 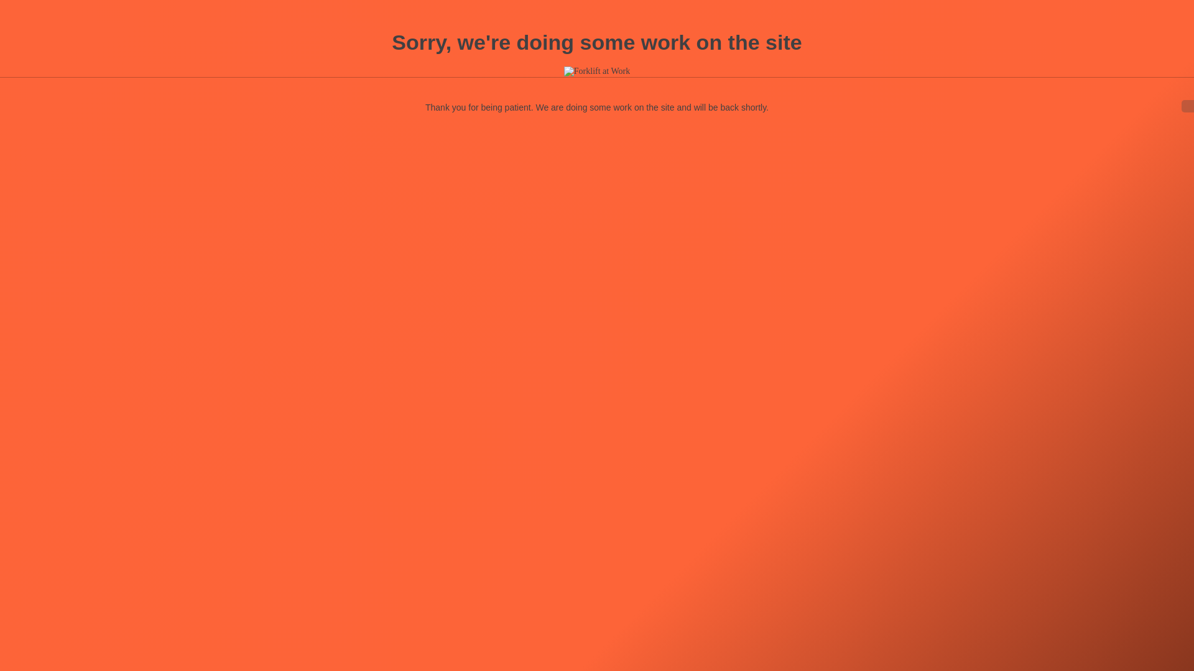 I want to click on 'Forklift at Work', so click(x=563, y=71).